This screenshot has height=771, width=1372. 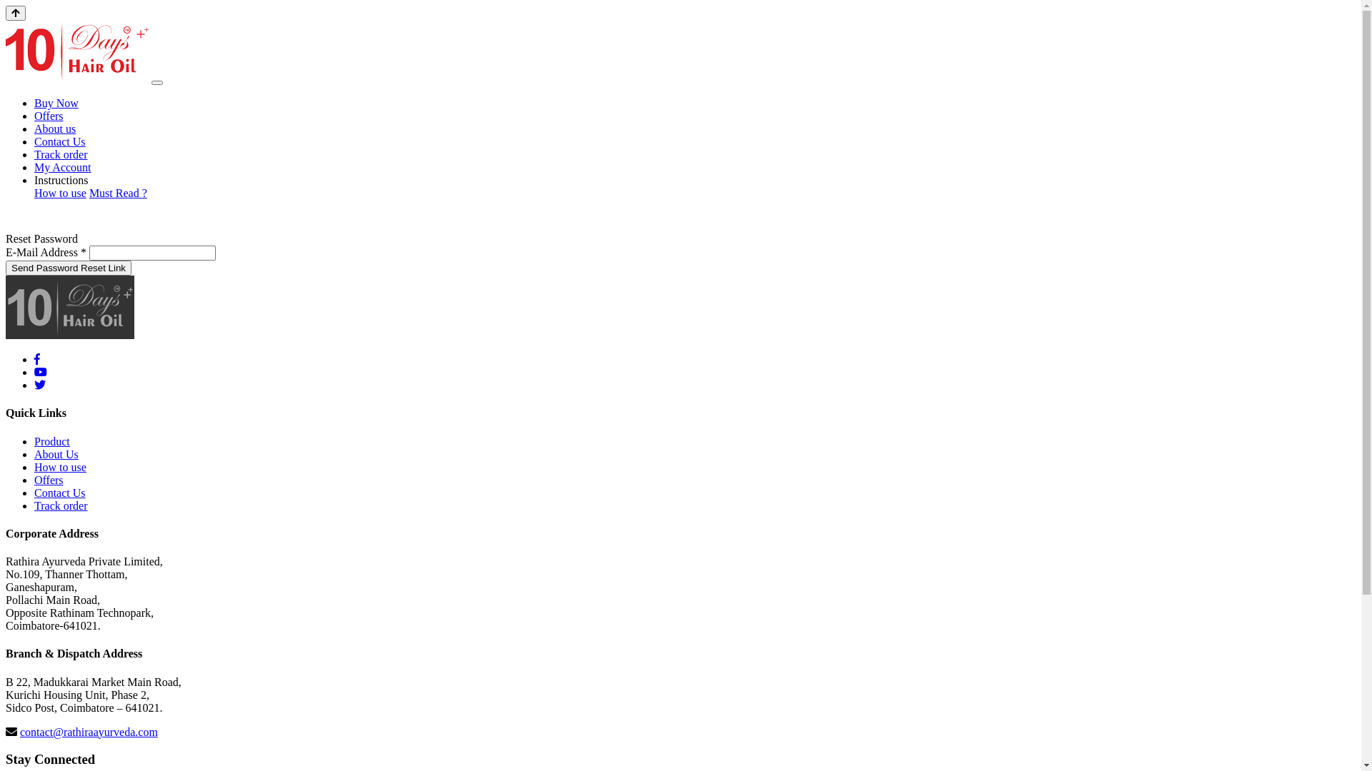 I want to click on 'Must Read ?', so click(x=118, y=193).